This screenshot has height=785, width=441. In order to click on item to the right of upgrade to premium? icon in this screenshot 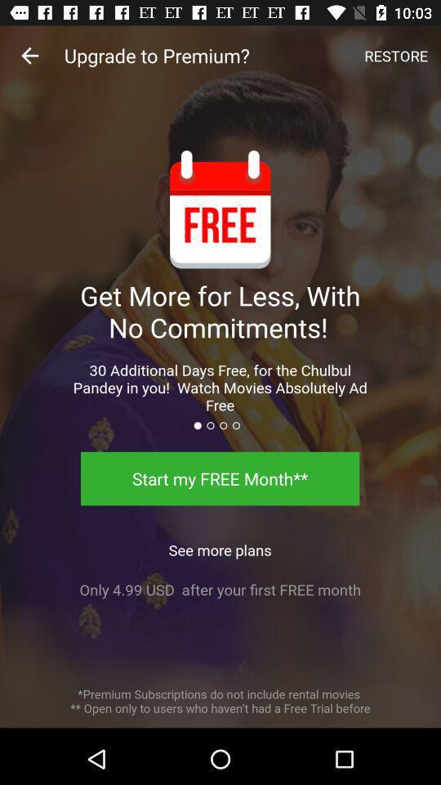, I will do `click(395, 56)`.